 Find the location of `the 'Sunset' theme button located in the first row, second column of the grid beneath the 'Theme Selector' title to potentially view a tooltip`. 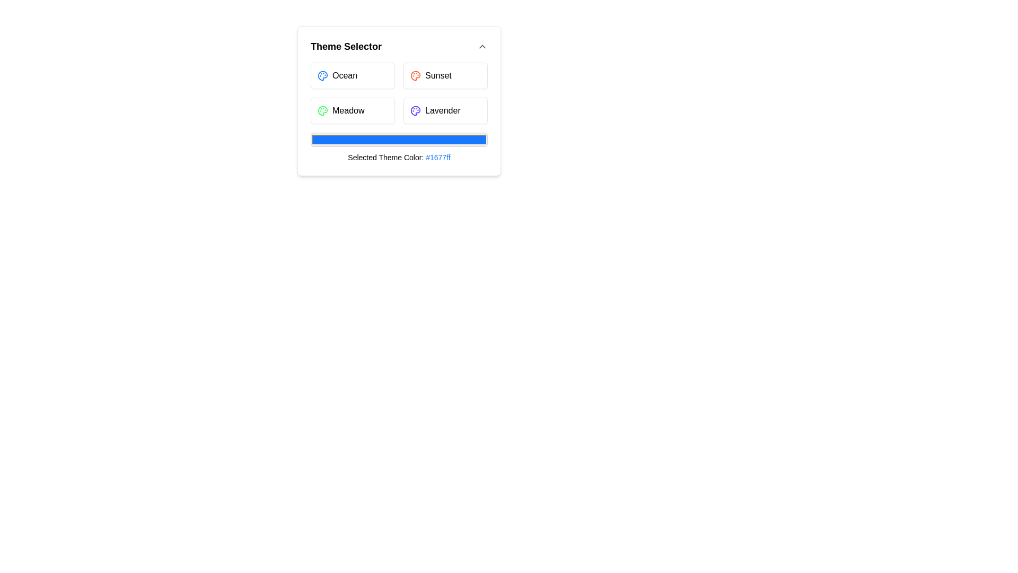

the 'Sunset' theme button located in the first row, second column of the grid beneath the 'Theme Selector' title to potentially view a tooltip is located at coordinates (445, 75).